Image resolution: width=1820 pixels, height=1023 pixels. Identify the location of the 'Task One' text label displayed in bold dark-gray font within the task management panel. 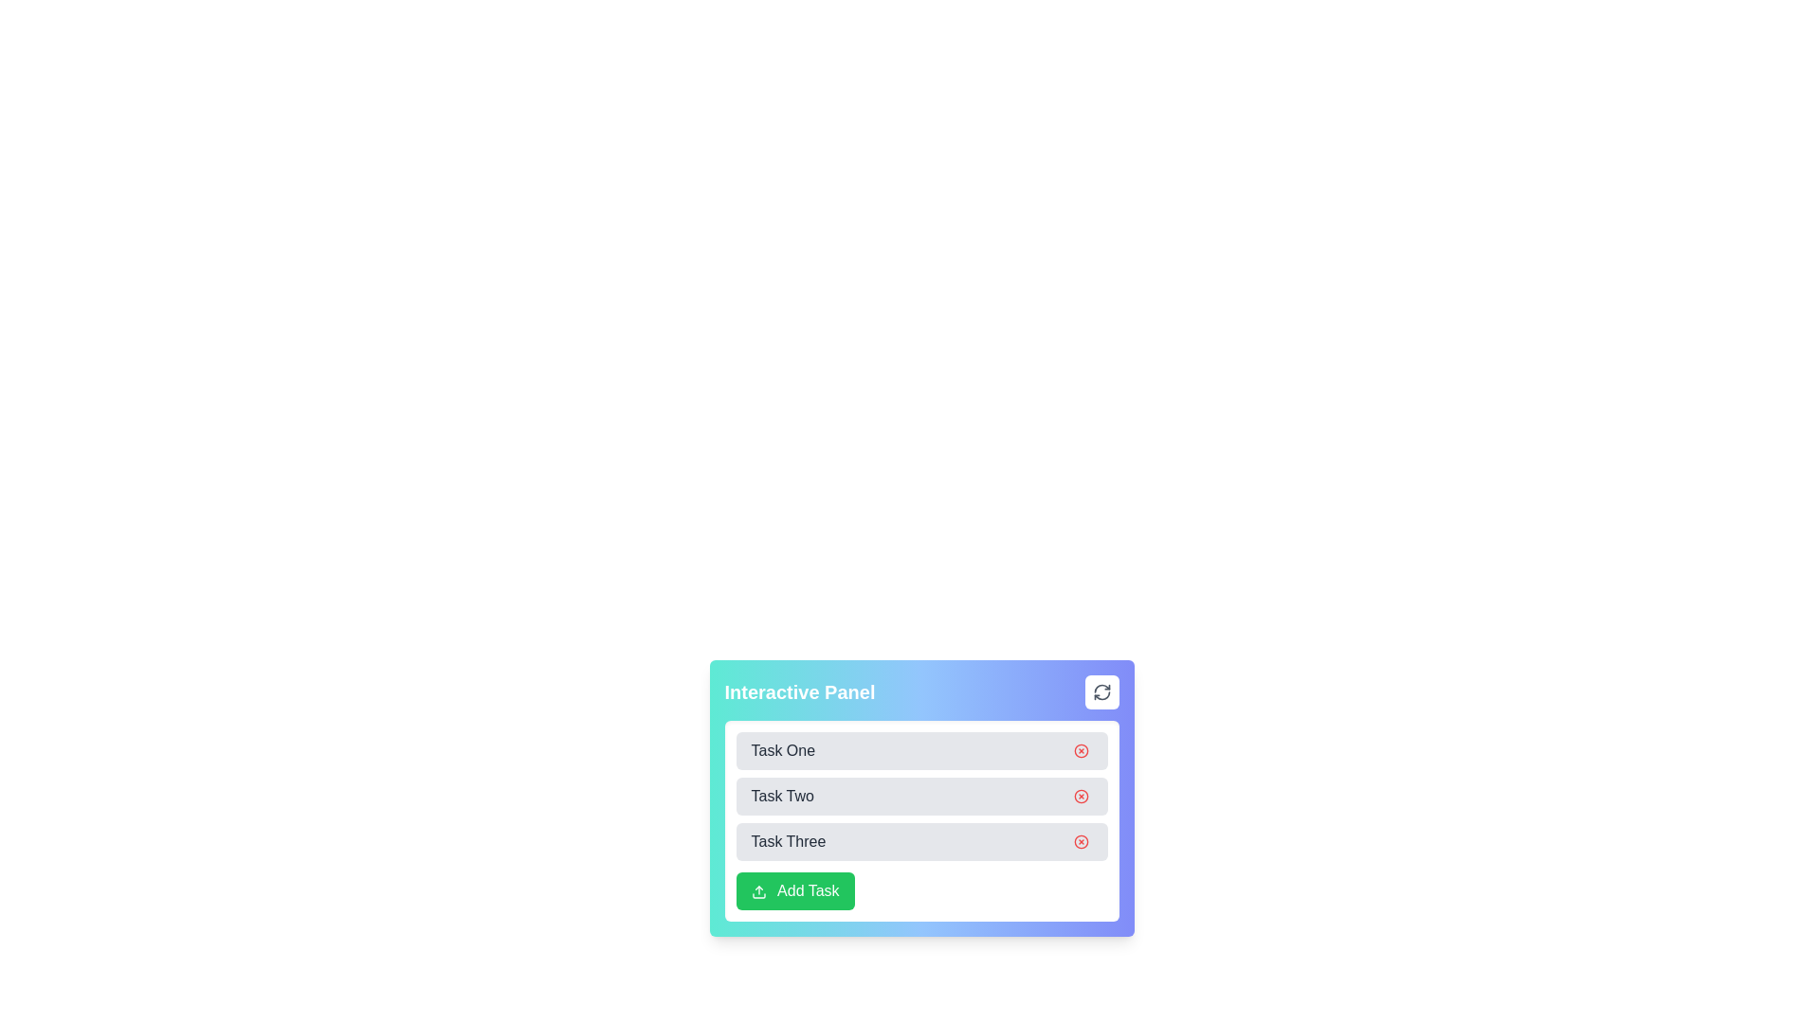
(783, 750).